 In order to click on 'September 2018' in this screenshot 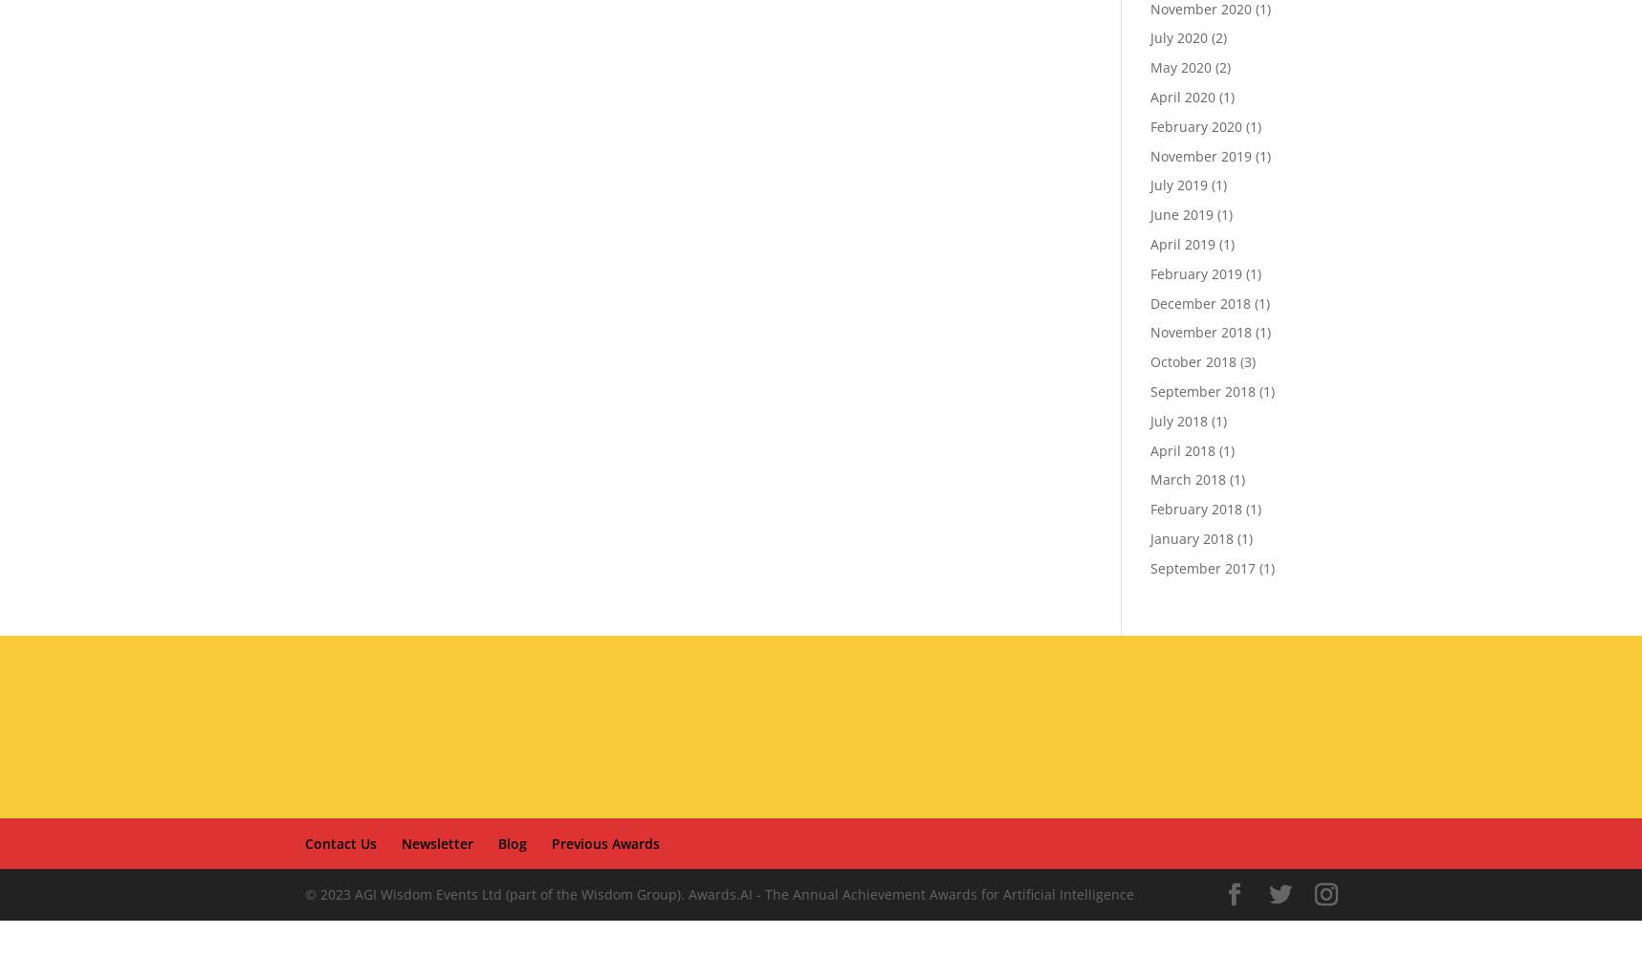, I will do `click(1203, 391)`.